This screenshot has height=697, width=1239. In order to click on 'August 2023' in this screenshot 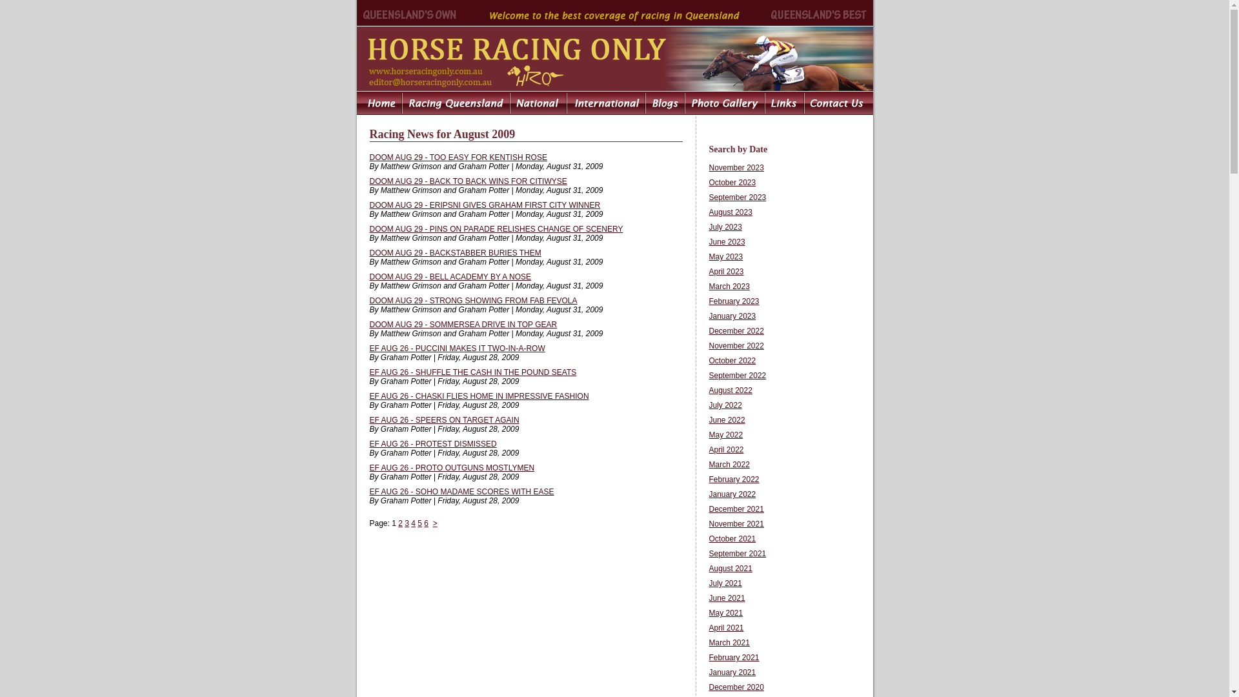, I will do `click(708, 211)`.